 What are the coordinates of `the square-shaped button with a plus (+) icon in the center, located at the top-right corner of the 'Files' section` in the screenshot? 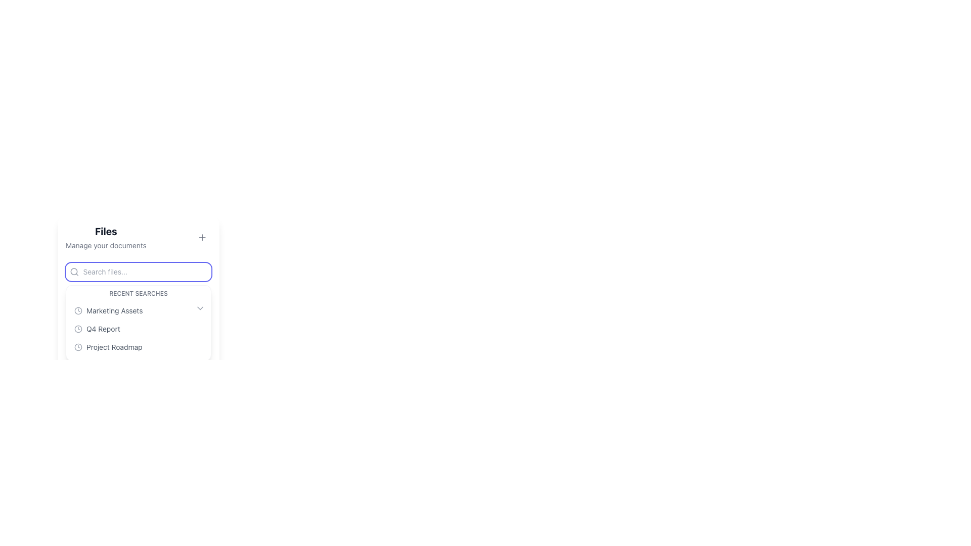 It's located at (202, 238).